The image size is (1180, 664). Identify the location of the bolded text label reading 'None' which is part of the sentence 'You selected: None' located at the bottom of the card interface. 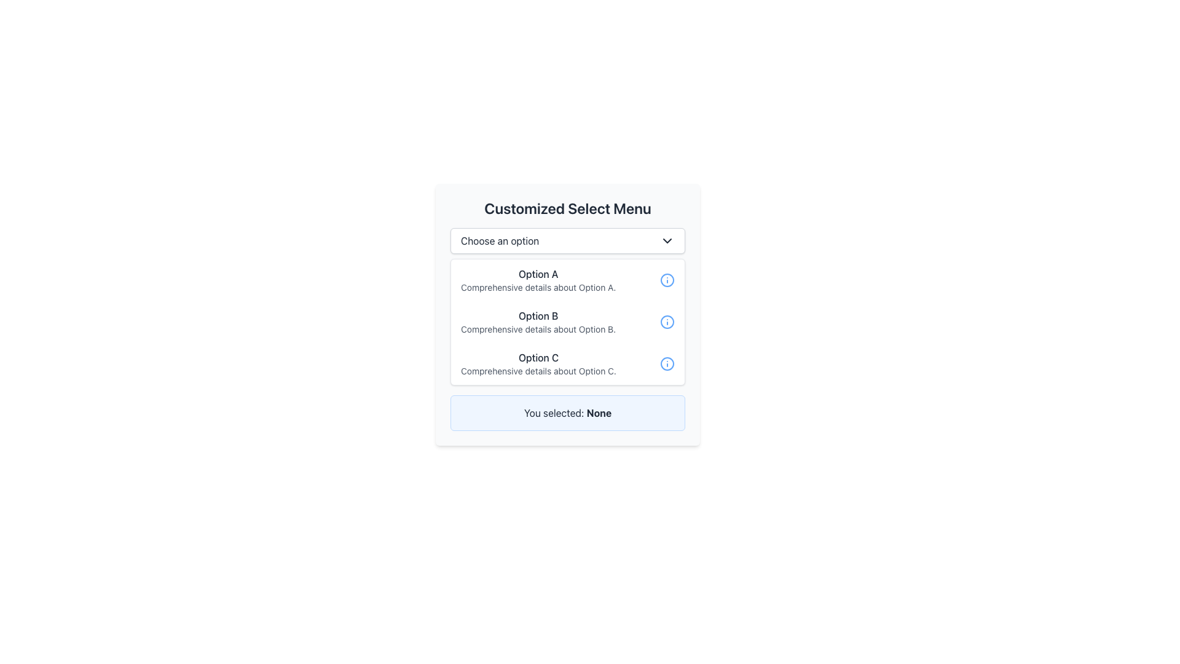
(599, 413).